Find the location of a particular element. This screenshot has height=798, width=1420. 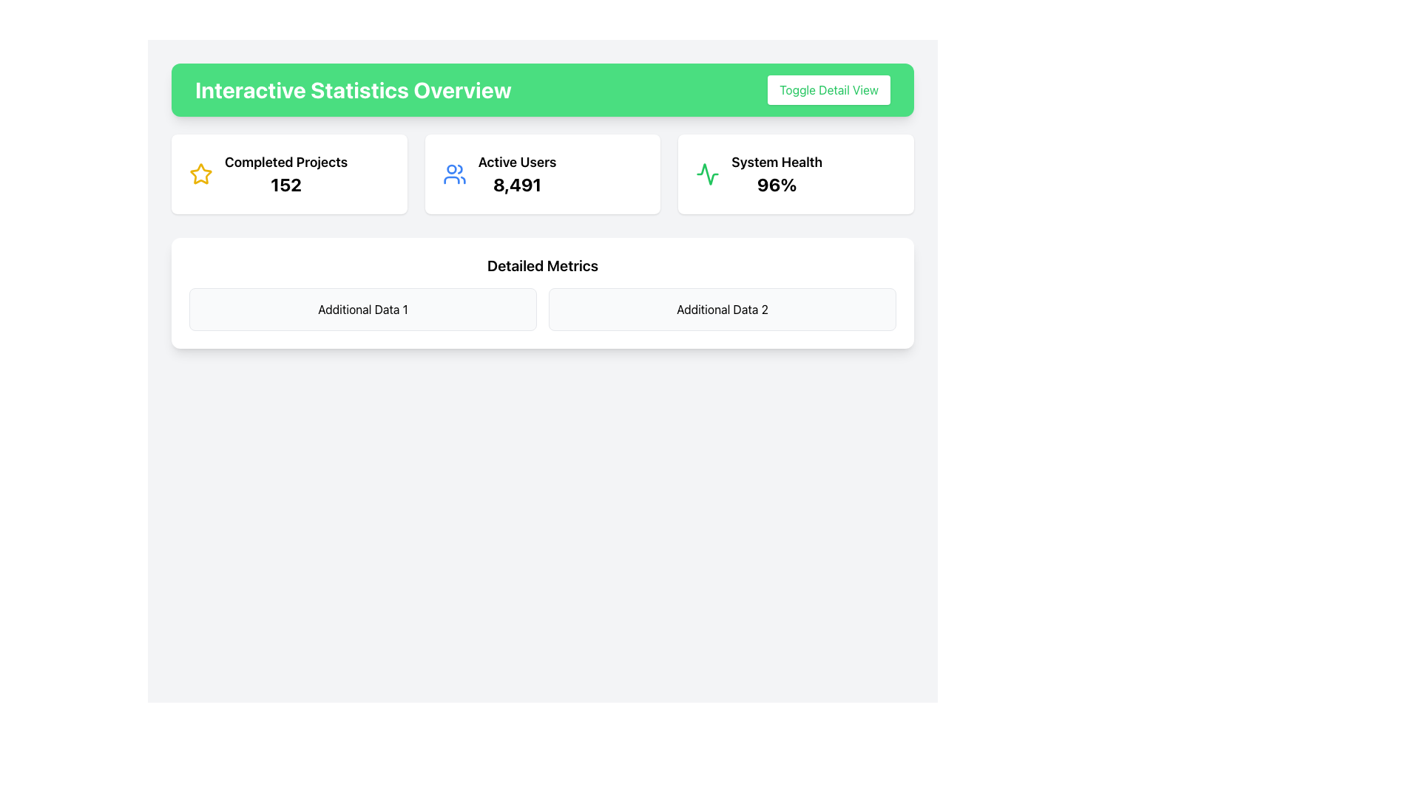

the system health metric information card is located at coordinates (795, 173).